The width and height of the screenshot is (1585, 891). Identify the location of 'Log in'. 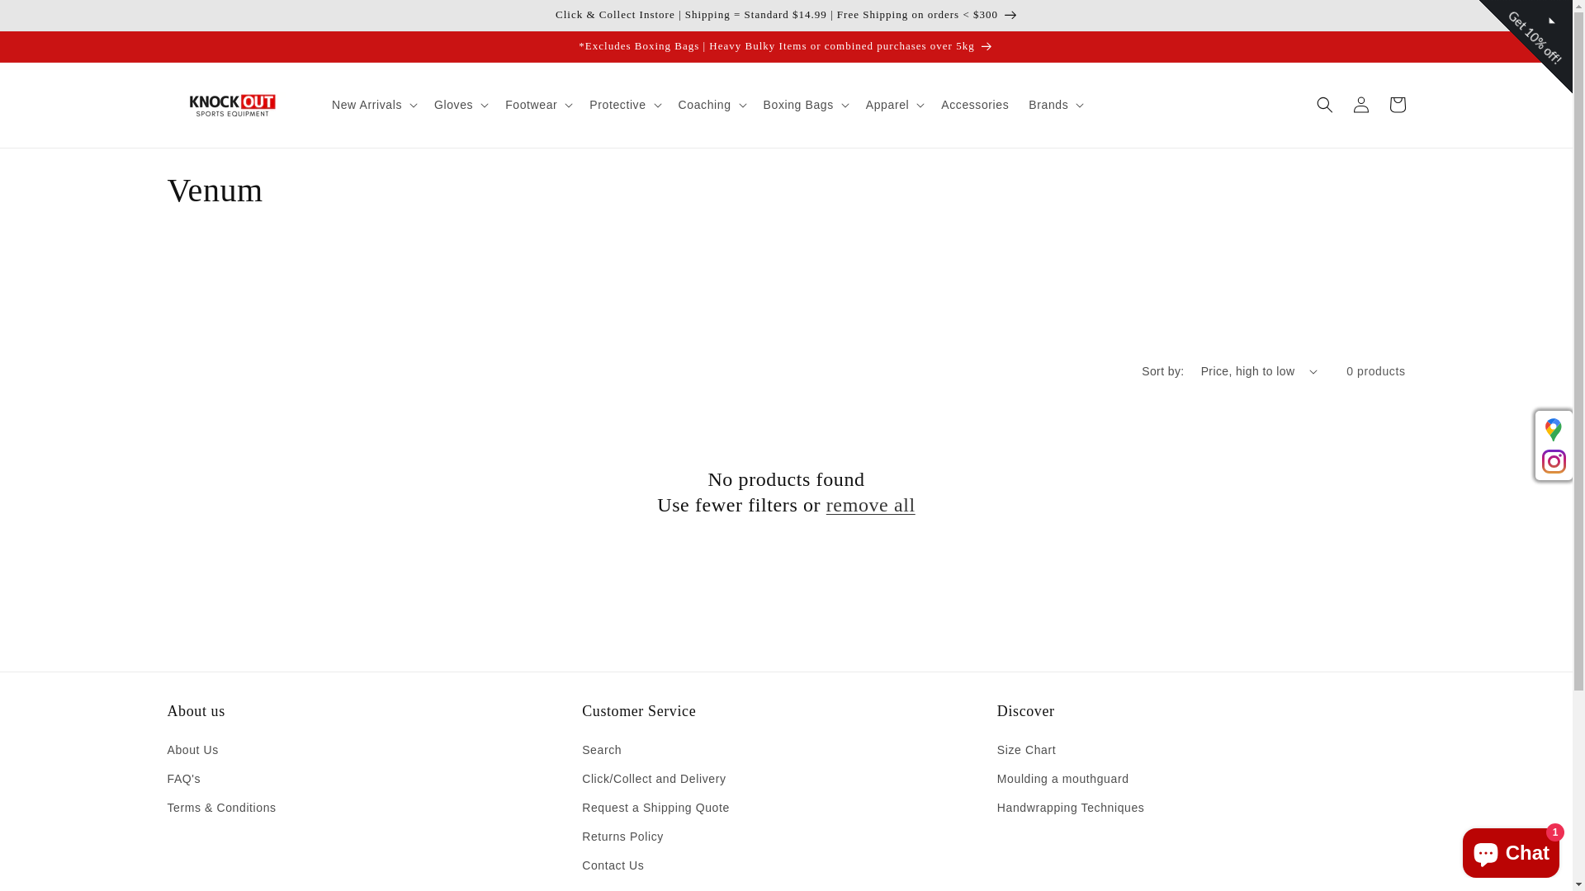
(1360, 105).